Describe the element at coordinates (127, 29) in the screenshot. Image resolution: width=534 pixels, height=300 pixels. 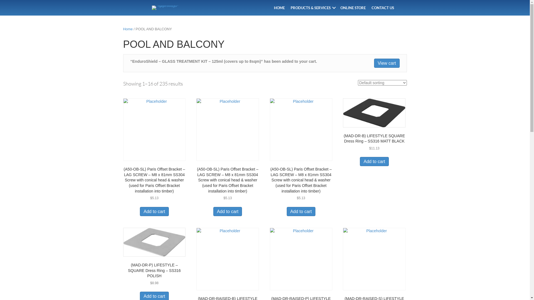
I see `'Home'` at that location.